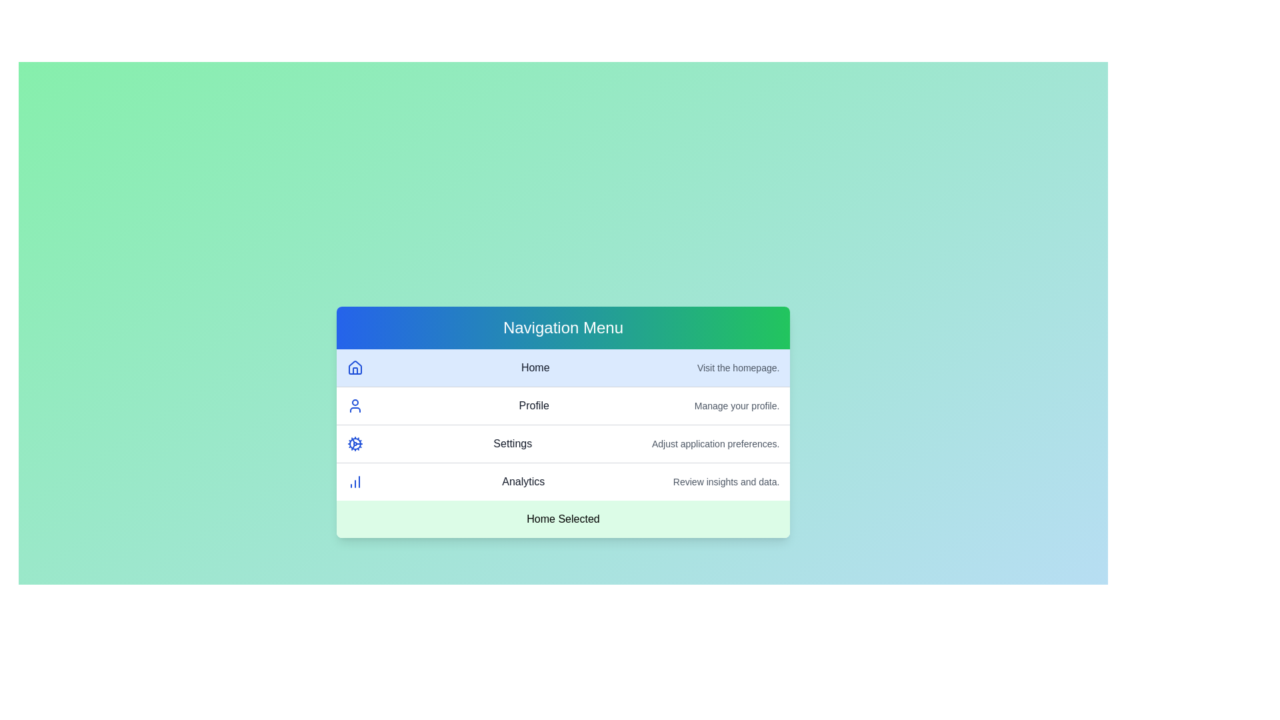  Describe the element at coordinates (563, 367) in the screenshot. I see `the menu item corresponding to Home` at that location.